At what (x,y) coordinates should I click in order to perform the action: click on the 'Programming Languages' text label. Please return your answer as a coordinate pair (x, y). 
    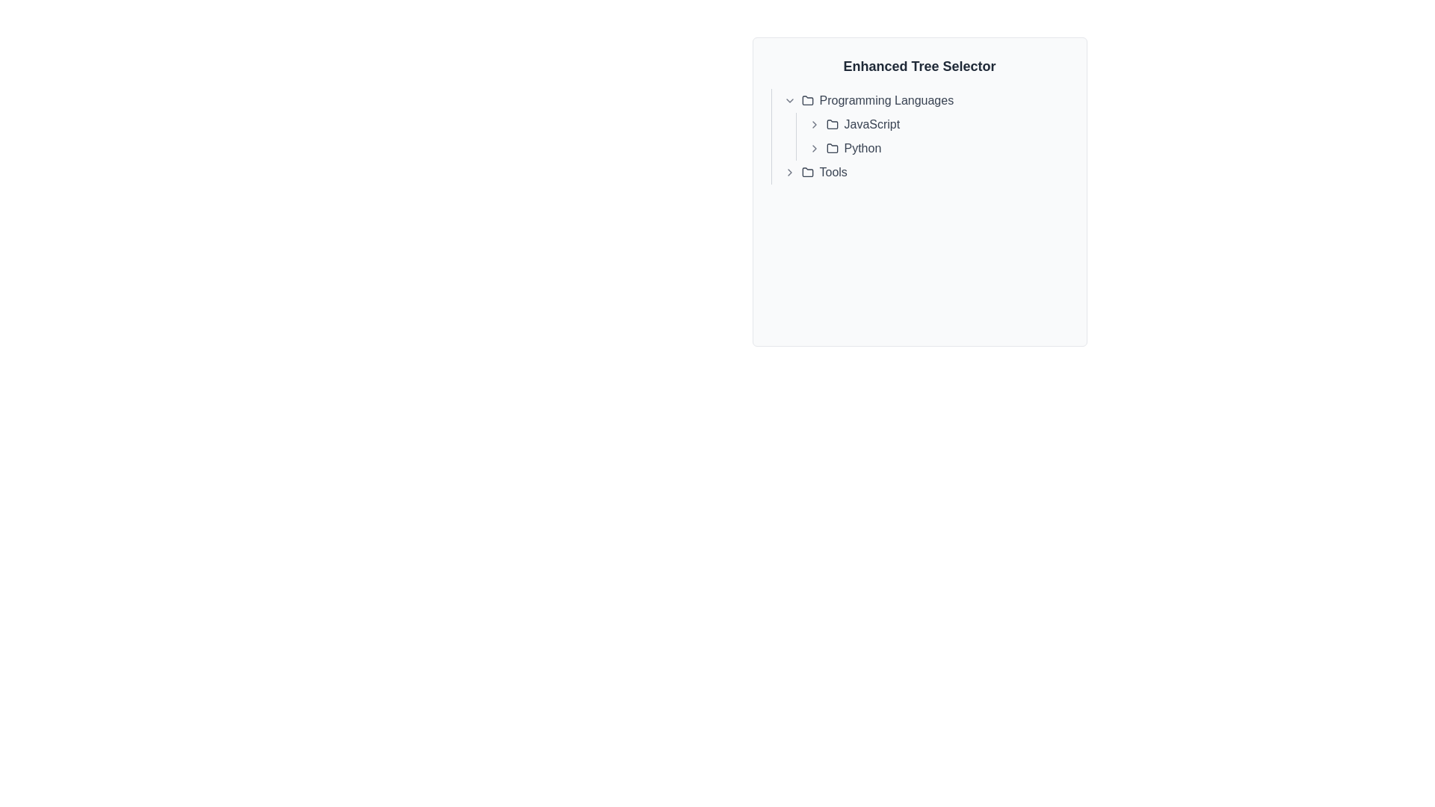
    Looking at the image, I should click on (886, 101).